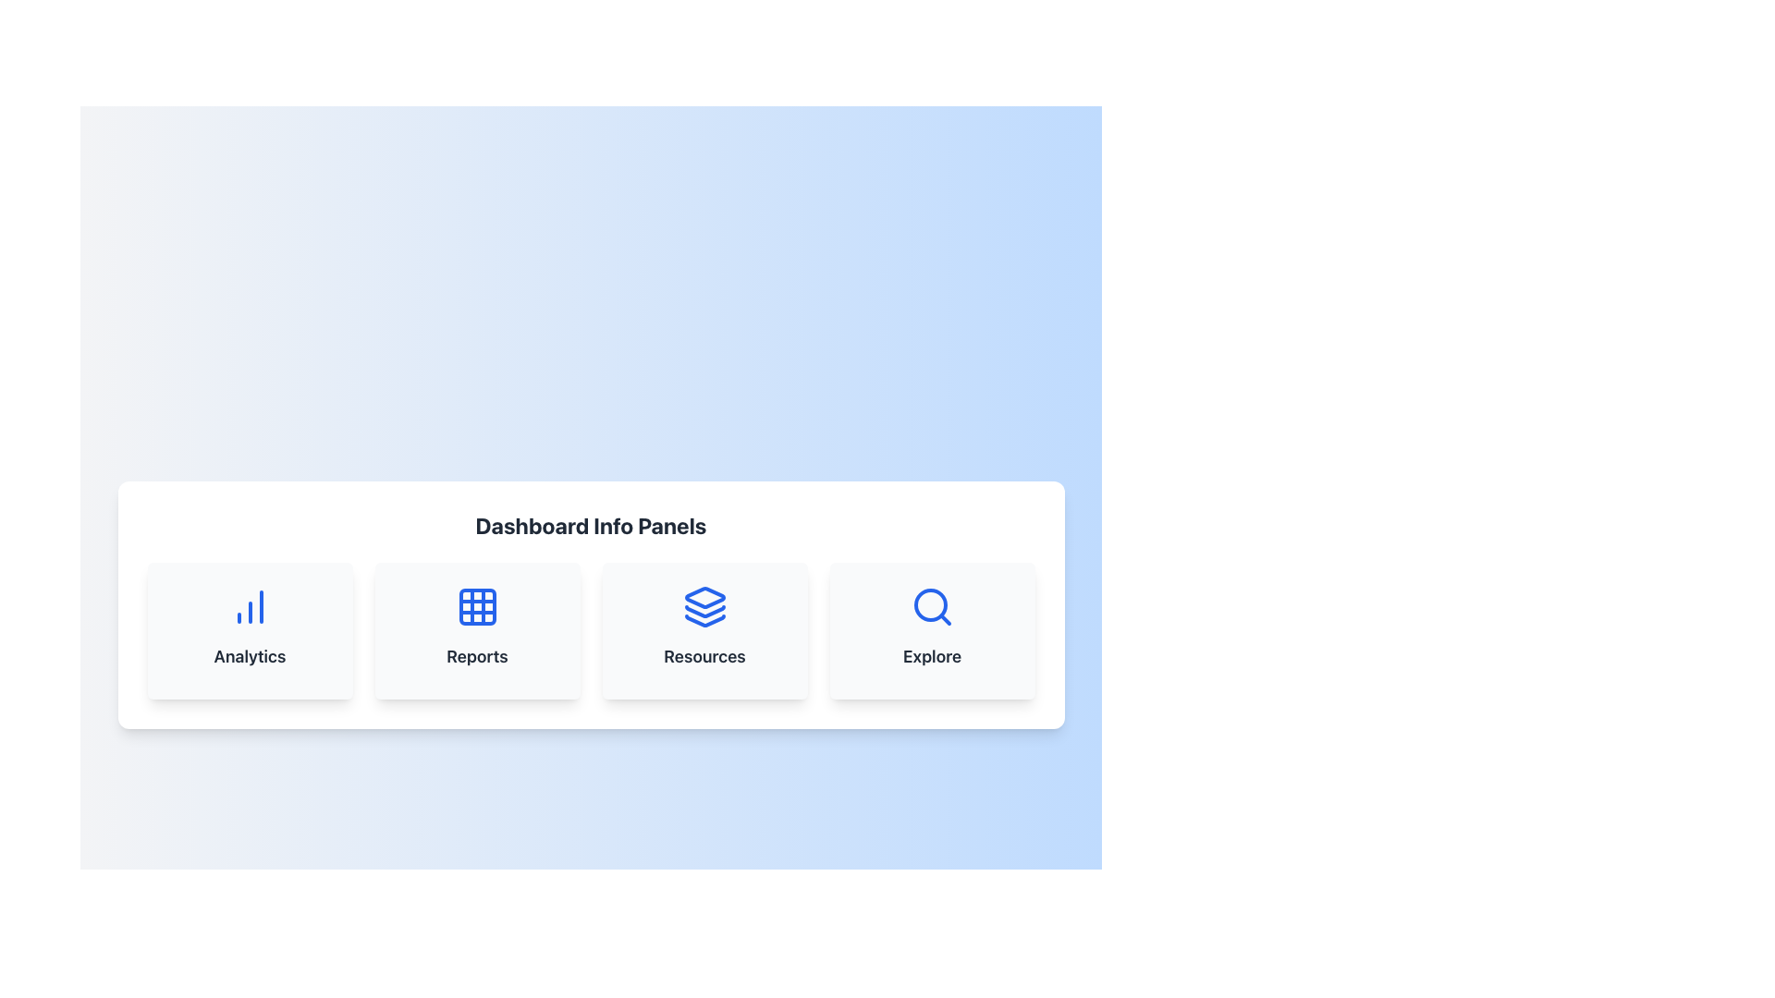 This screenshot has height=998, width=1775. I want to click on the vibrant blue bar chart icon located in the 'Analytics' card, so click(249, 606).